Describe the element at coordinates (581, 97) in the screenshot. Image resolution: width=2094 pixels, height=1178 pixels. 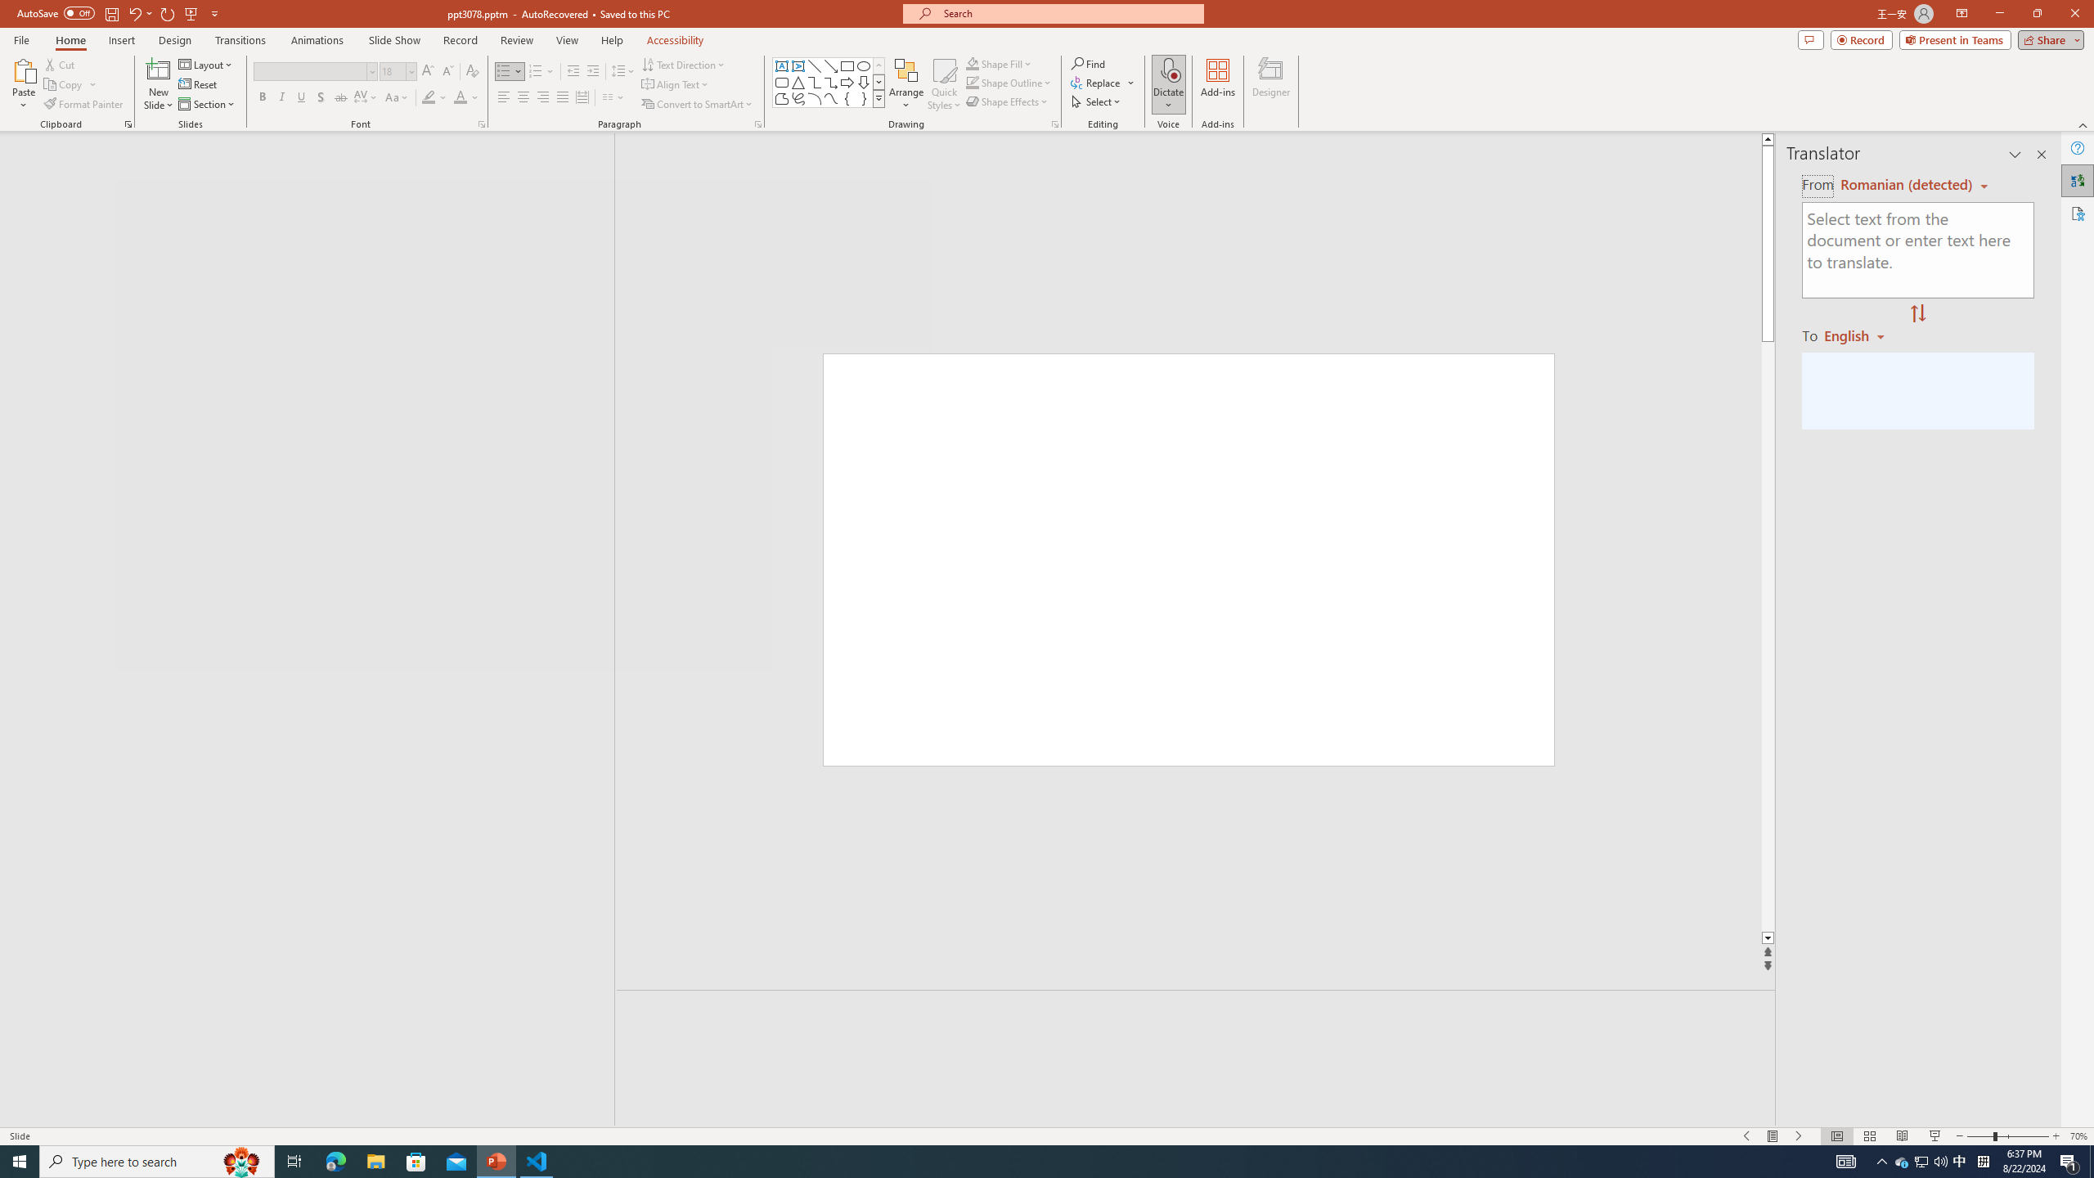
I see `'Distributed'` at that location.